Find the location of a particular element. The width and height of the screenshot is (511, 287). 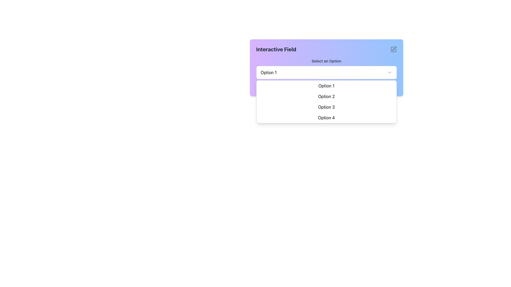

the dropdown menu with a white background and gray border labeled 'Select an Option' is located at coordinates (326, 73).